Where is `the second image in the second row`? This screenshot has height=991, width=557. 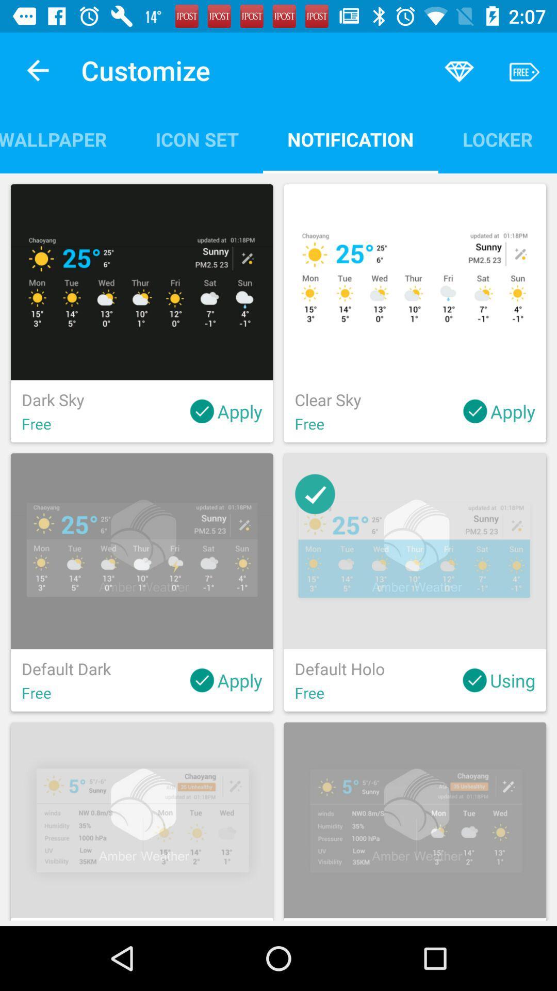
the second image in the second row is located at coordinates (415, 551).